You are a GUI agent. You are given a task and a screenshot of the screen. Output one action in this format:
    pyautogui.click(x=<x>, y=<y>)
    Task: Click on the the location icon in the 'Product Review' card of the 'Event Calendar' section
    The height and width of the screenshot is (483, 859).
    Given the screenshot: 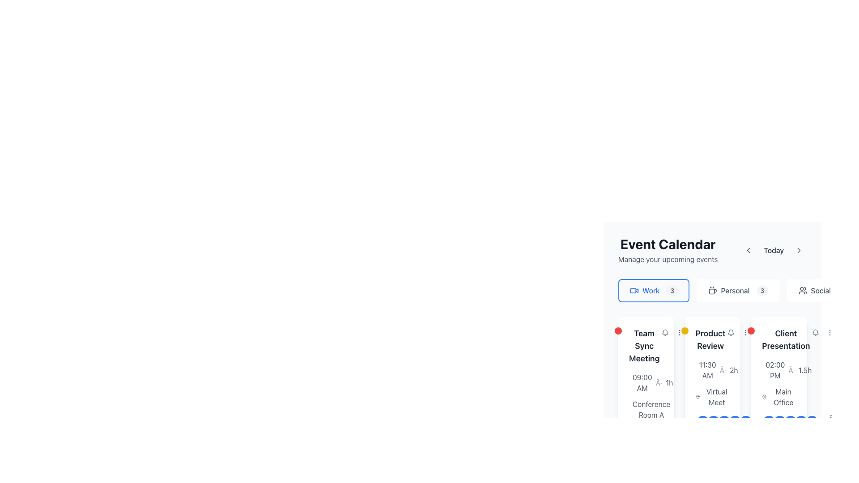 What is the action you would take?
    pyautogui.click(x=697, y=396)
    